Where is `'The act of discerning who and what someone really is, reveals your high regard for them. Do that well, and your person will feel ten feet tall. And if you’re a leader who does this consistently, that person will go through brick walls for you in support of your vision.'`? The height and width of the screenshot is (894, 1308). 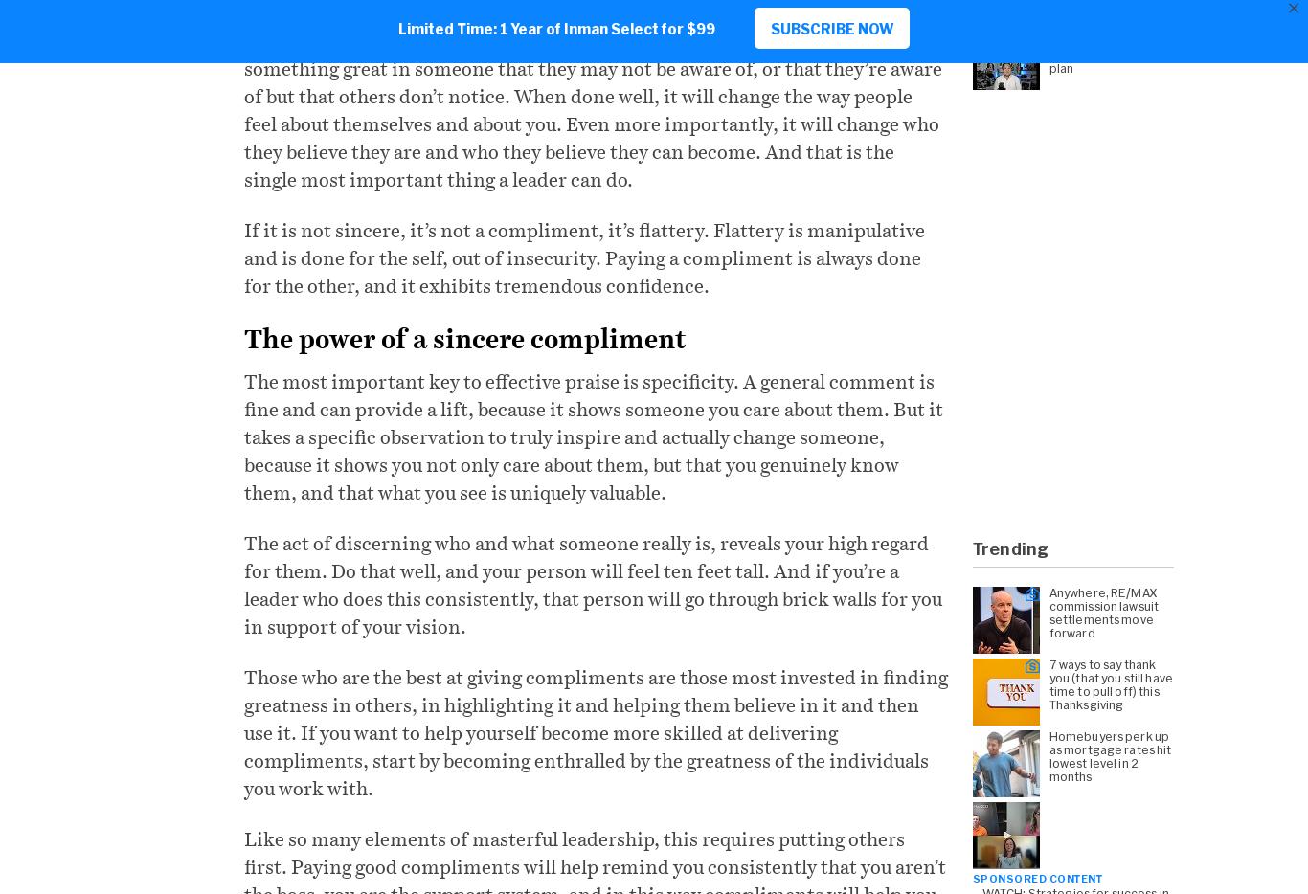 'The act of discerning who and what someone really is, reveals your high regard for them. Do that well, and your person will feel ten feet tall. And if you’re a leader who does this consistently, that person will go through brick walls for you in support of your vision.' is located at coordinates (592, 584).